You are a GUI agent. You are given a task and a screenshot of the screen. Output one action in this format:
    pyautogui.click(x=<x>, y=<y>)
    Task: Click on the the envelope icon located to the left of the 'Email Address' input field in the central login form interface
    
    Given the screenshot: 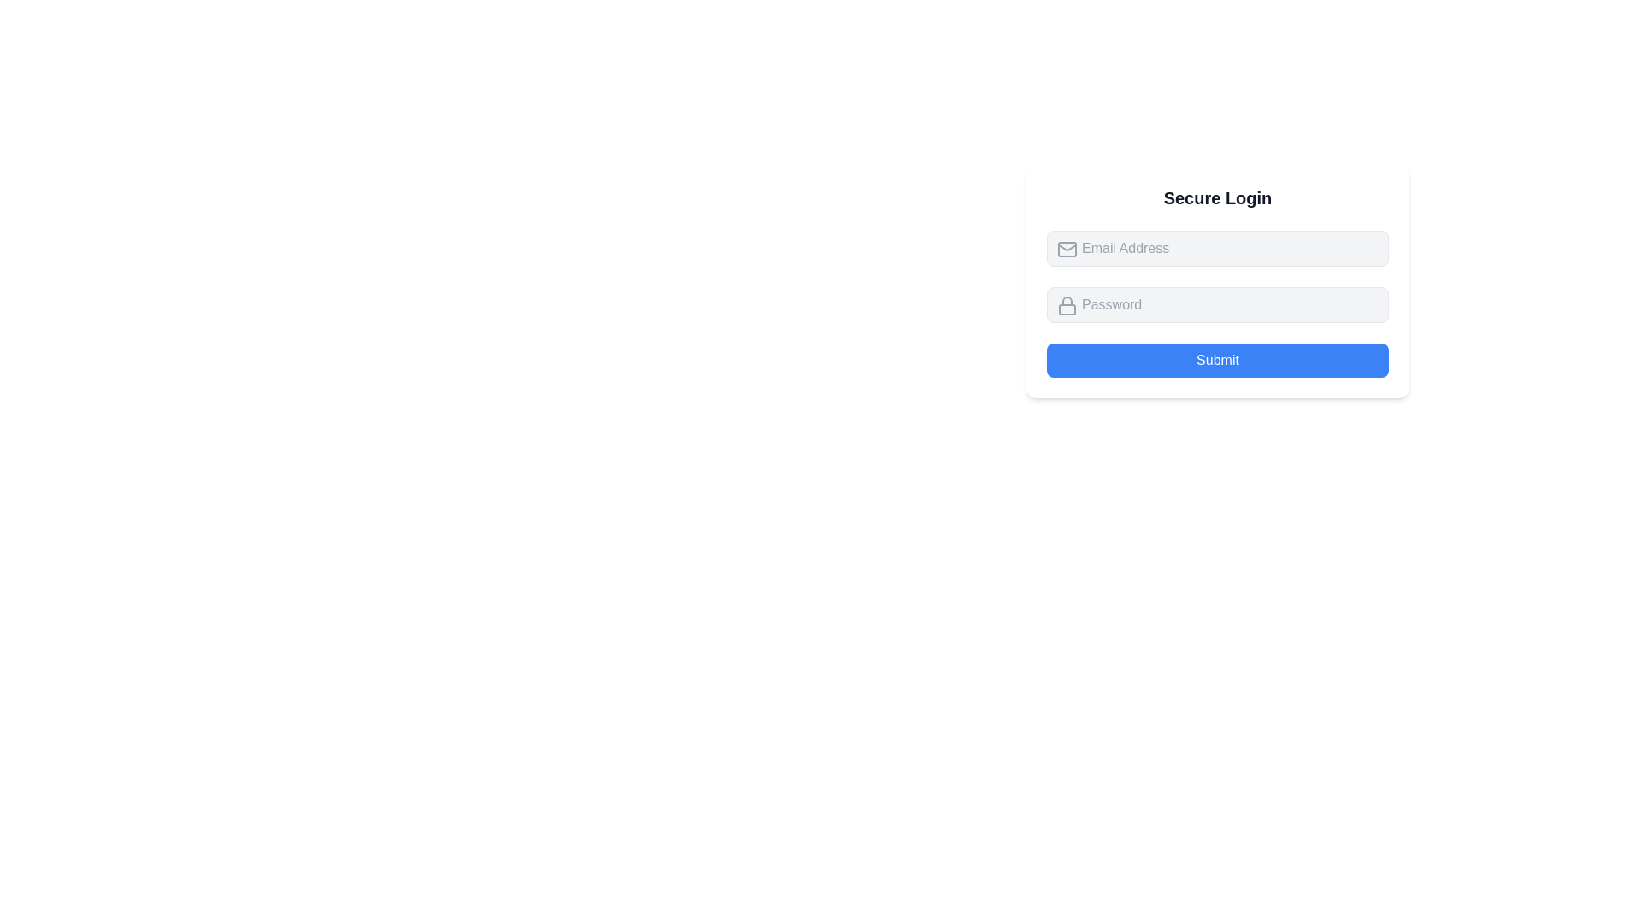 What is the action you would take?
    pyautogui.click(x=1066, y=250)
    